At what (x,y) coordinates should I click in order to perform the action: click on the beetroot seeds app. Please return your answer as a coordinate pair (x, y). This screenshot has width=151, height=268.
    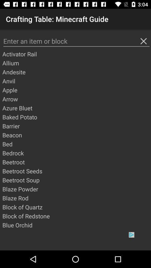
    Looking at the image, I should click on (76, 171).